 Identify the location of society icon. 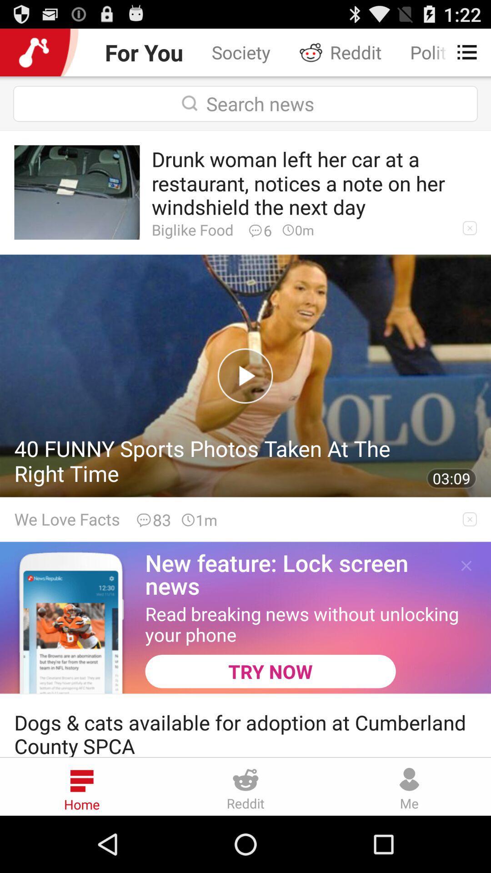
(240, 52).